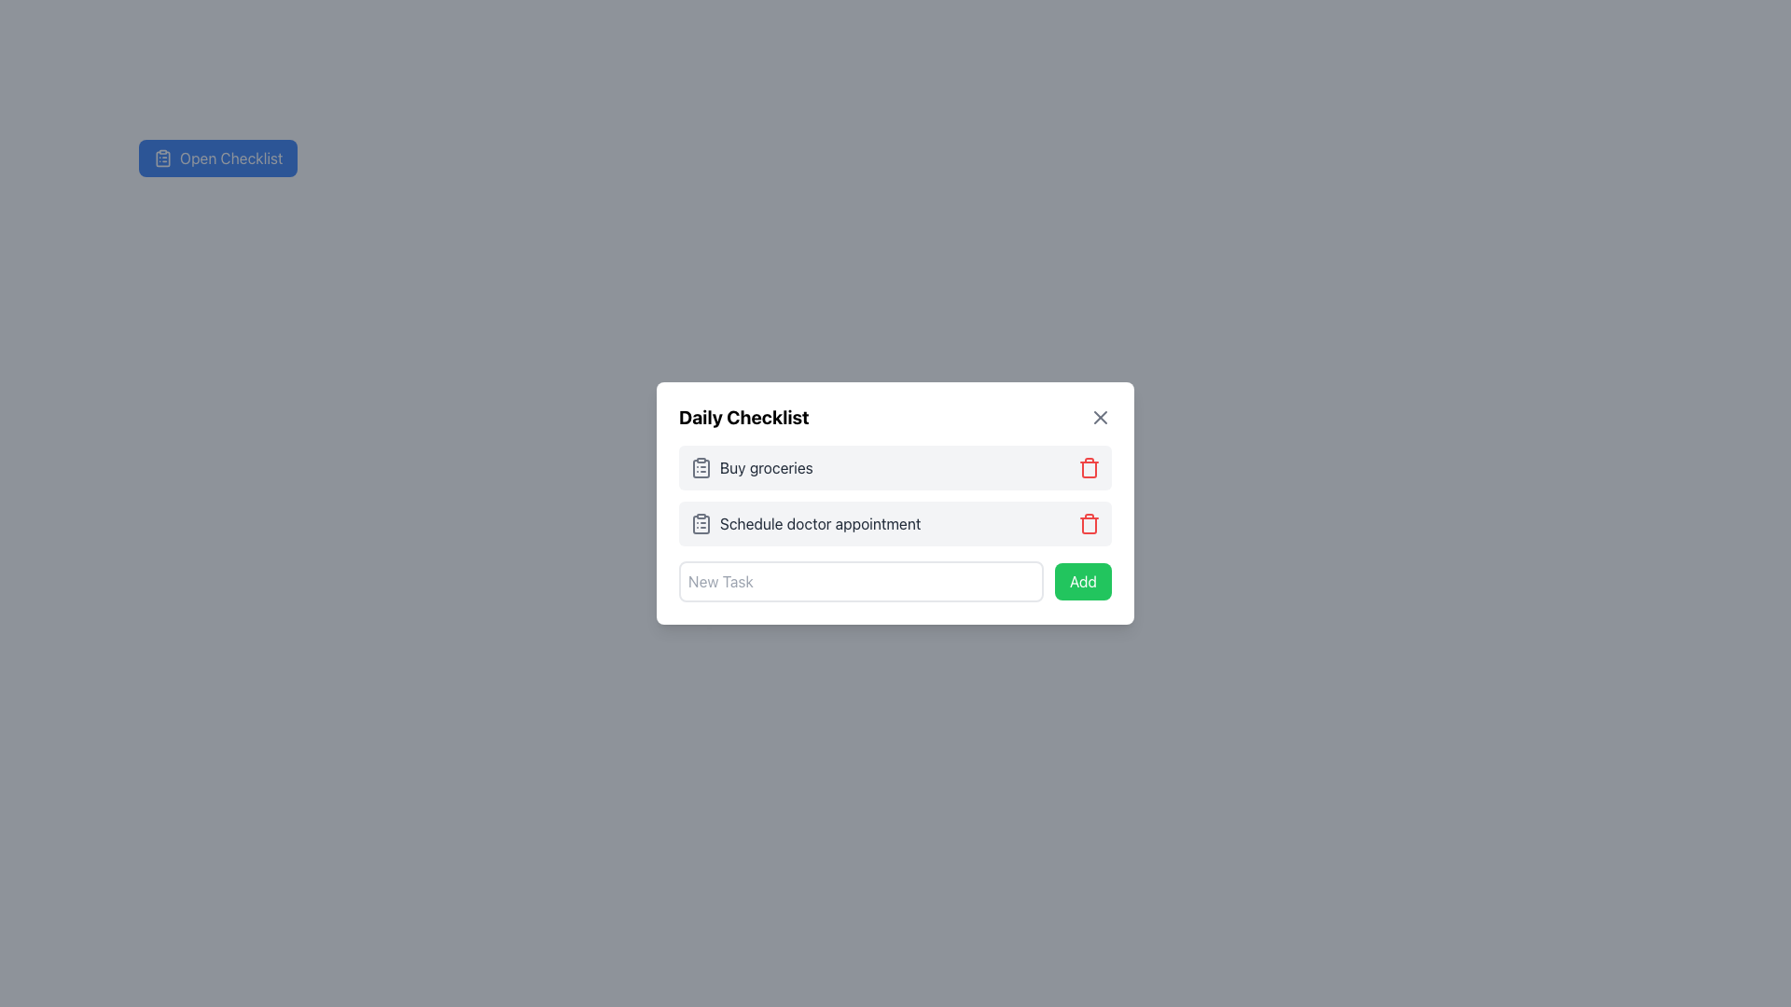 This screenshot has width=1791, height=1007. What do you see at coordinates (162, 157) in the screenshot?
I see `the clipboard checklist icon located within the blue button labeled 'Open Checklist'` at bounding box center [162, 157].